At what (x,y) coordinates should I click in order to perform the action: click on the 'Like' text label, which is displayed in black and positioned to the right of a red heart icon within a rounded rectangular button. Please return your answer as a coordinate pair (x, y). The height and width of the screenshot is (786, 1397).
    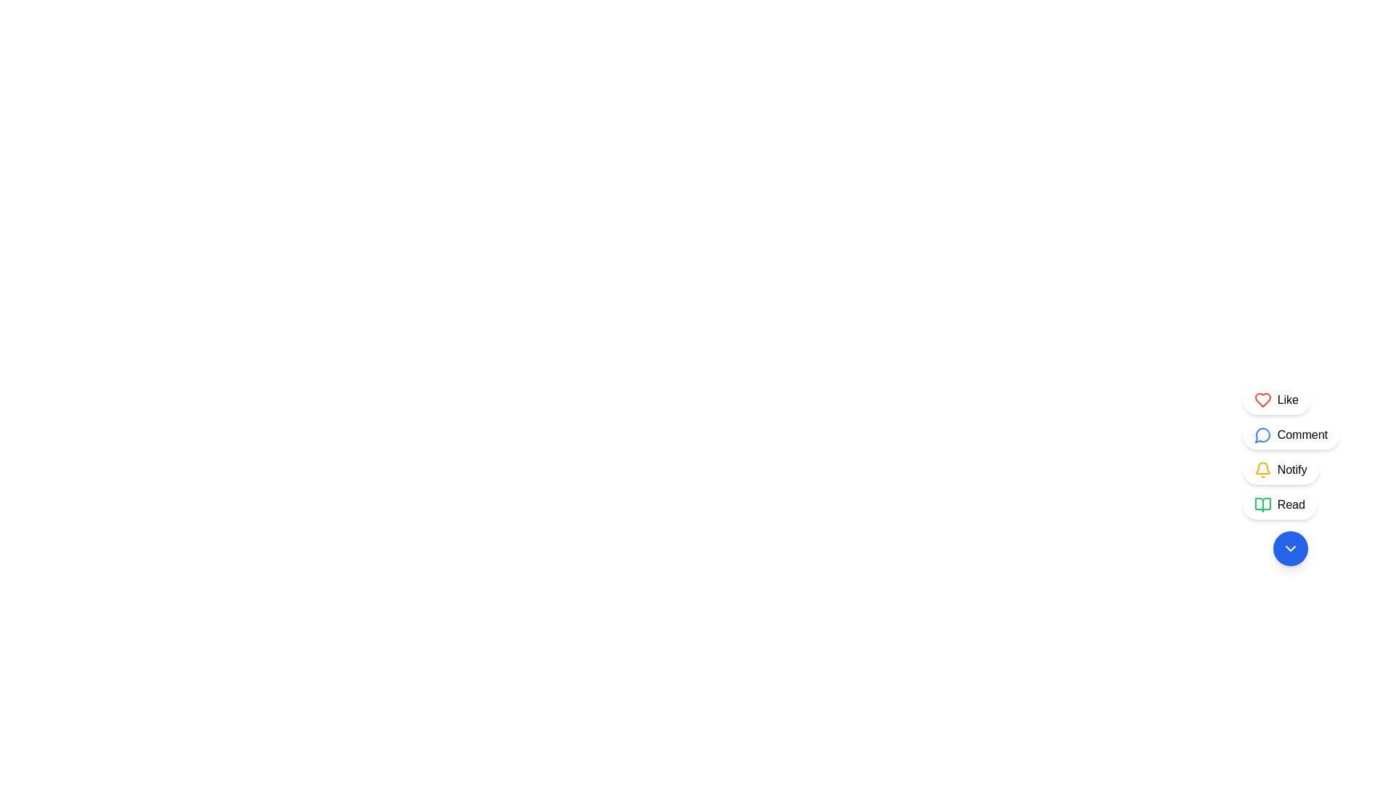
    Looking at the image, I should click on (1288, 400).